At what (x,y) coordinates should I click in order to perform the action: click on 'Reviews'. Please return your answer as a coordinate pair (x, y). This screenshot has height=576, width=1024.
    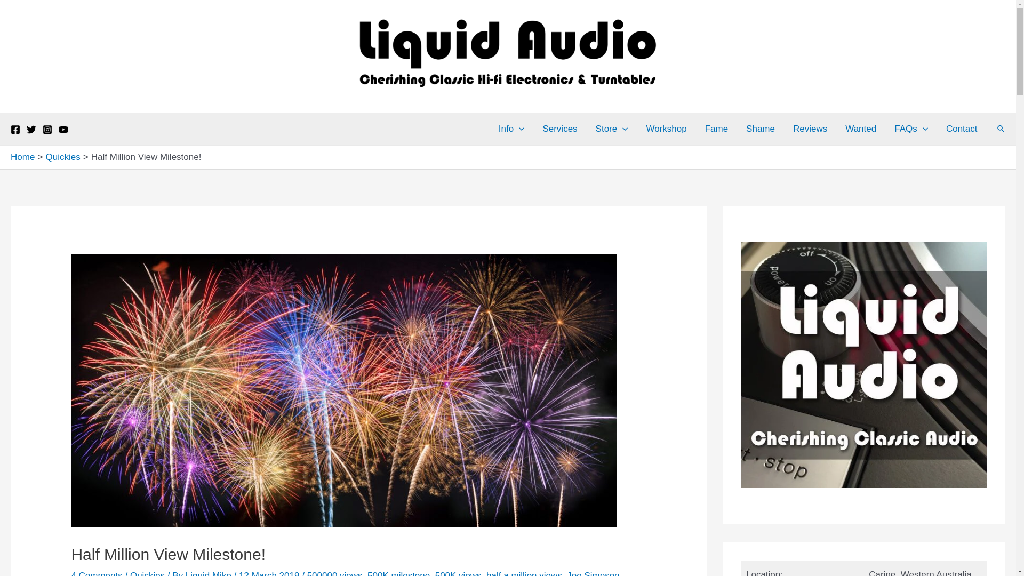
    Looking at the image, I should click on (810, 129).